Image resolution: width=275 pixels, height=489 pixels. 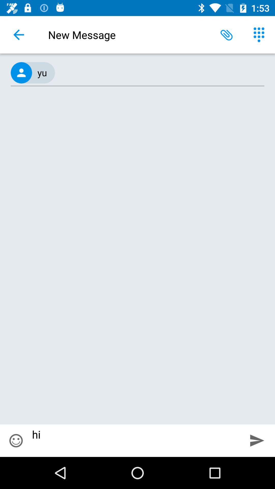 What do you see at coordinates (137, 73) in the screenshot?
I see `the (667) 676-5778,  item` at bounding box center [137, 73].